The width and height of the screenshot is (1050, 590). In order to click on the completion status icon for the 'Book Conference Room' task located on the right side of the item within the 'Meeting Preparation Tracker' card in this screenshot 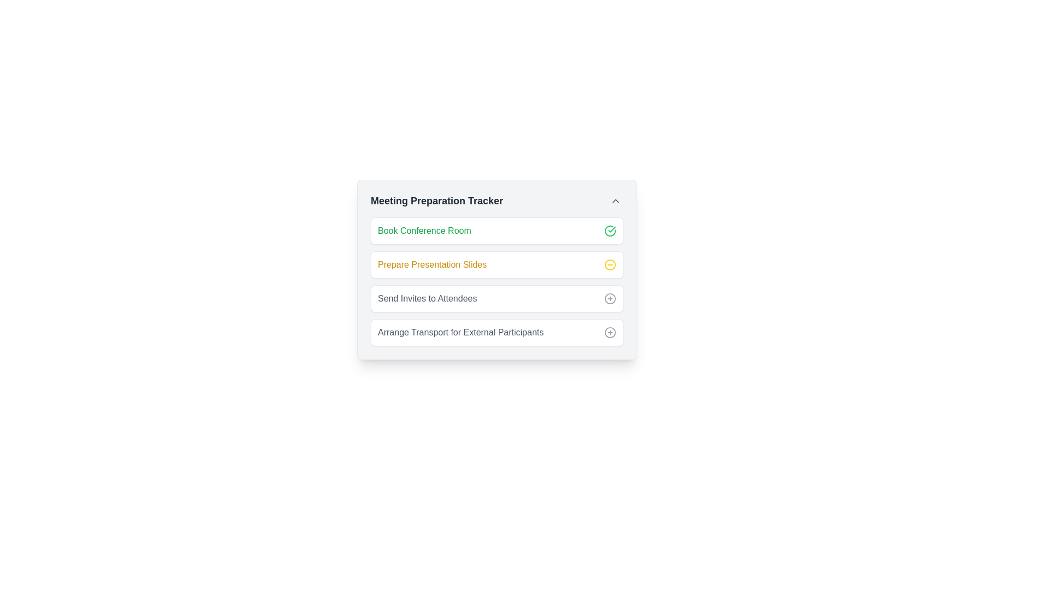, I will do `click(610, 231)`.